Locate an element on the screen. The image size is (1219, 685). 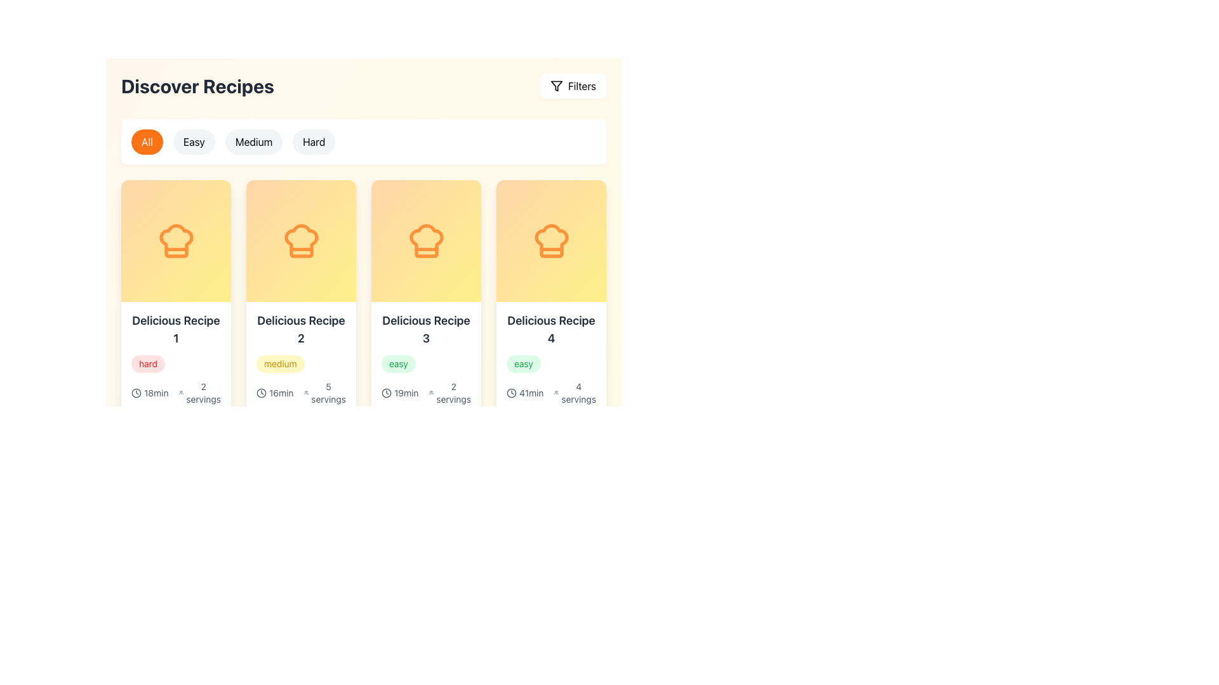
the recipe card displaying 'Delicious Recipe 1' with a light background and rounded corners, located at the top-left position in the grid is located at coordinates (175, 374).